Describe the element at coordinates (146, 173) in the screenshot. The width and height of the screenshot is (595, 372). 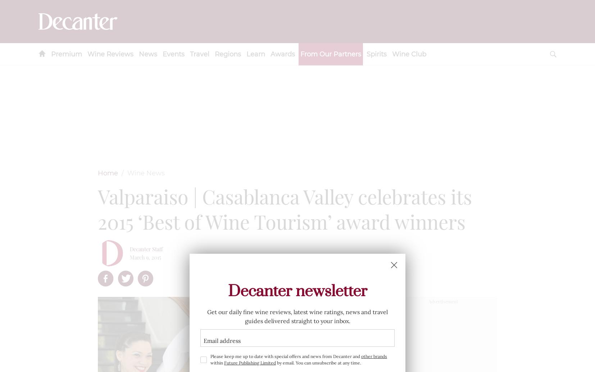
I see `'Wine News'` at that location.